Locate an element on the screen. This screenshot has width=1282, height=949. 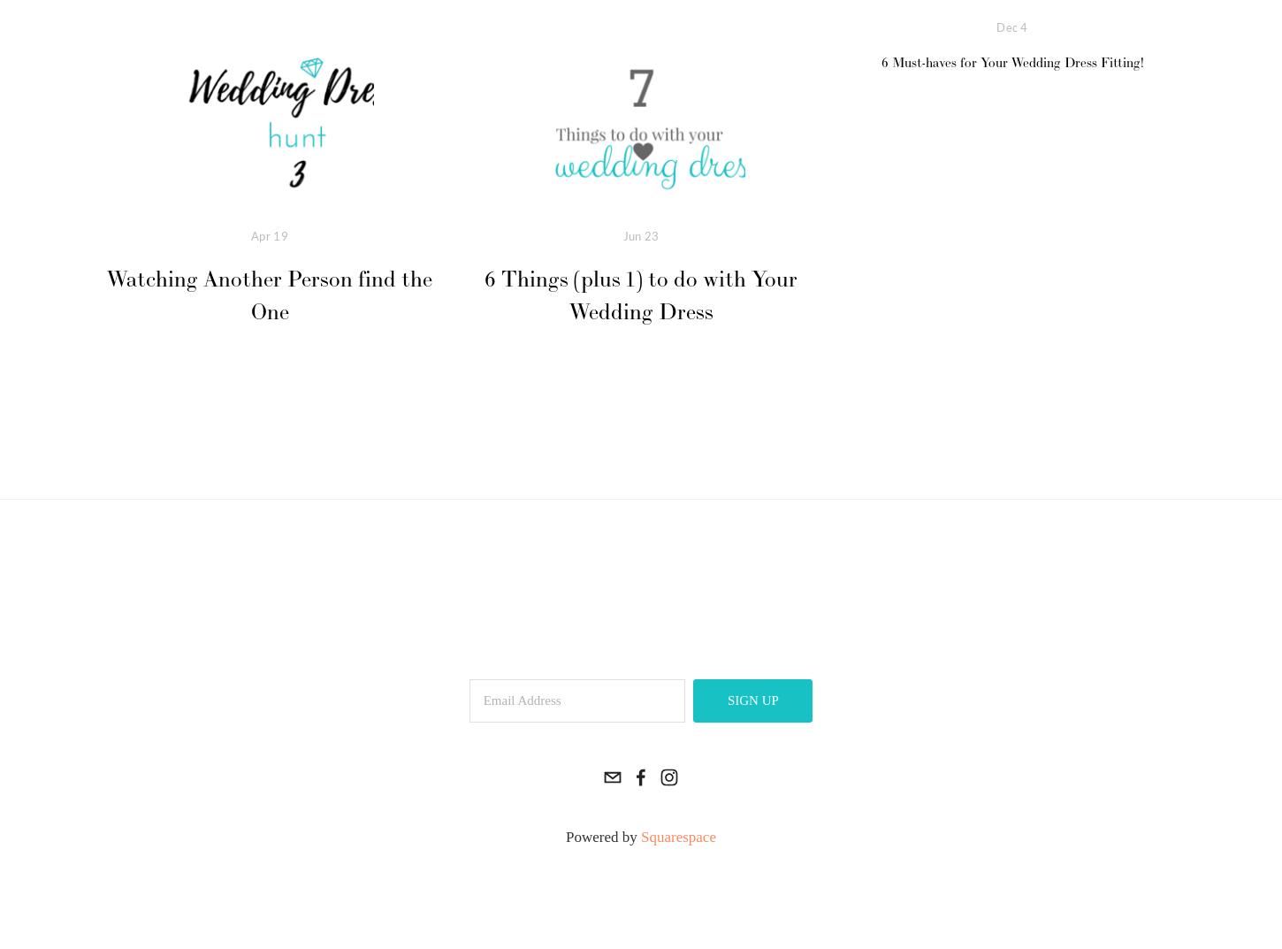
'Apr' is located at coordinates (262, 234).